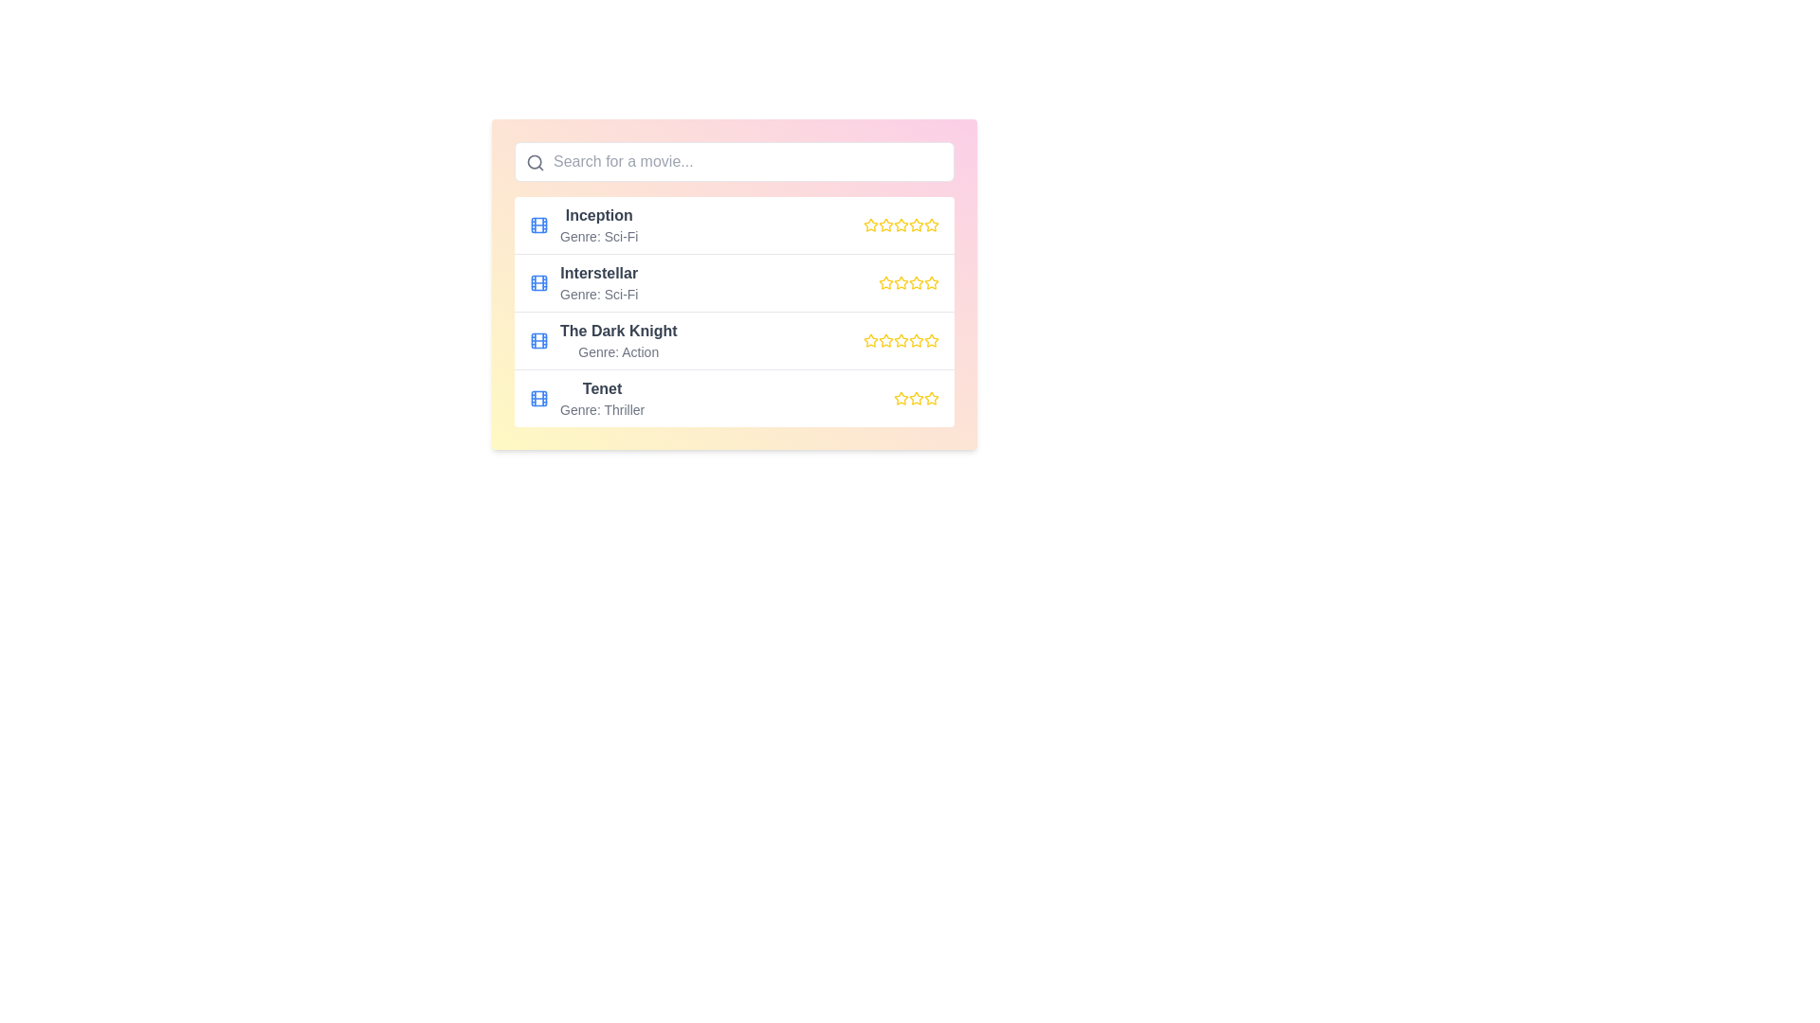 The width and height of the screenshot is (1820, 1023). What do you see at coordinates (932, 283) in the screenshot?
I see `the fifth star-shaped Rating icon with a bright yellow outline adjacent to the movie title 'Interstellar' to rate it` at bounding box center [932, 283].